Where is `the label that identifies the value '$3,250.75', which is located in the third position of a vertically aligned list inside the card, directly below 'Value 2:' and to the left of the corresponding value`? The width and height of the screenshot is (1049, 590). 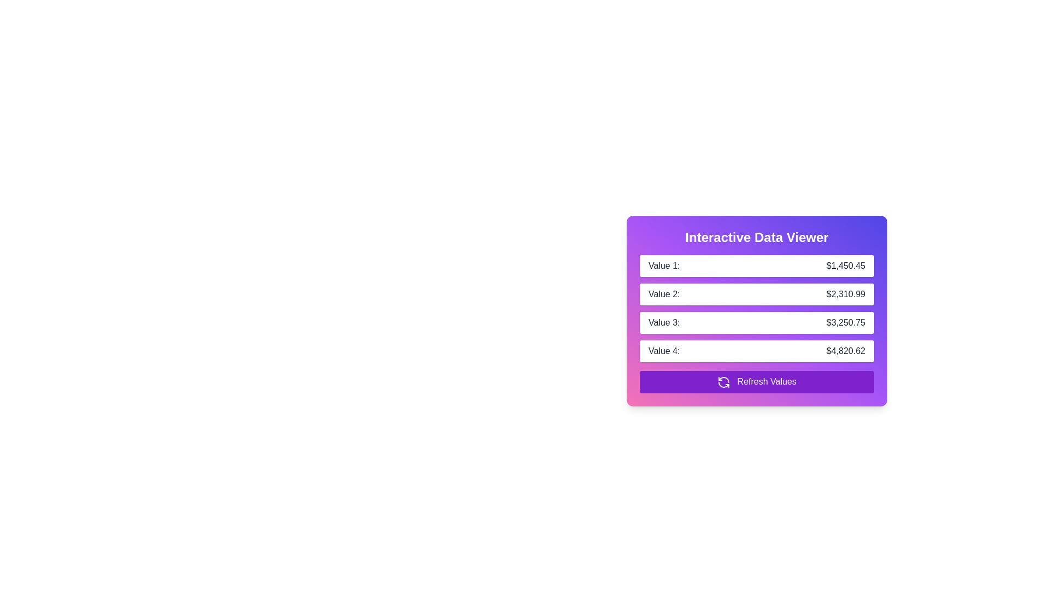
the label that identifies the value '$3,250.75', which is located in the third position of a vertically aligned list inside the card, directly below 'Value 2:' and to the left of the corresponding value is located at coordinates (663, 322).